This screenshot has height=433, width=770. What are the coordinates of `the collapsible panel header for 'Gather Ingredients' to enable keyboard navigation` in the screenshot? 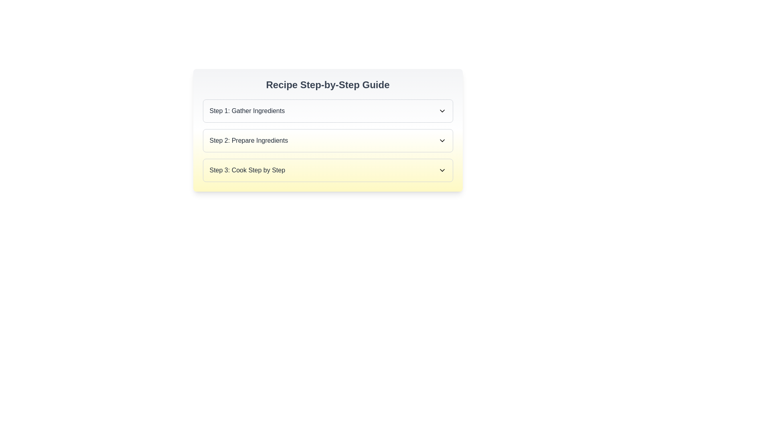 It's located at (328, 111).